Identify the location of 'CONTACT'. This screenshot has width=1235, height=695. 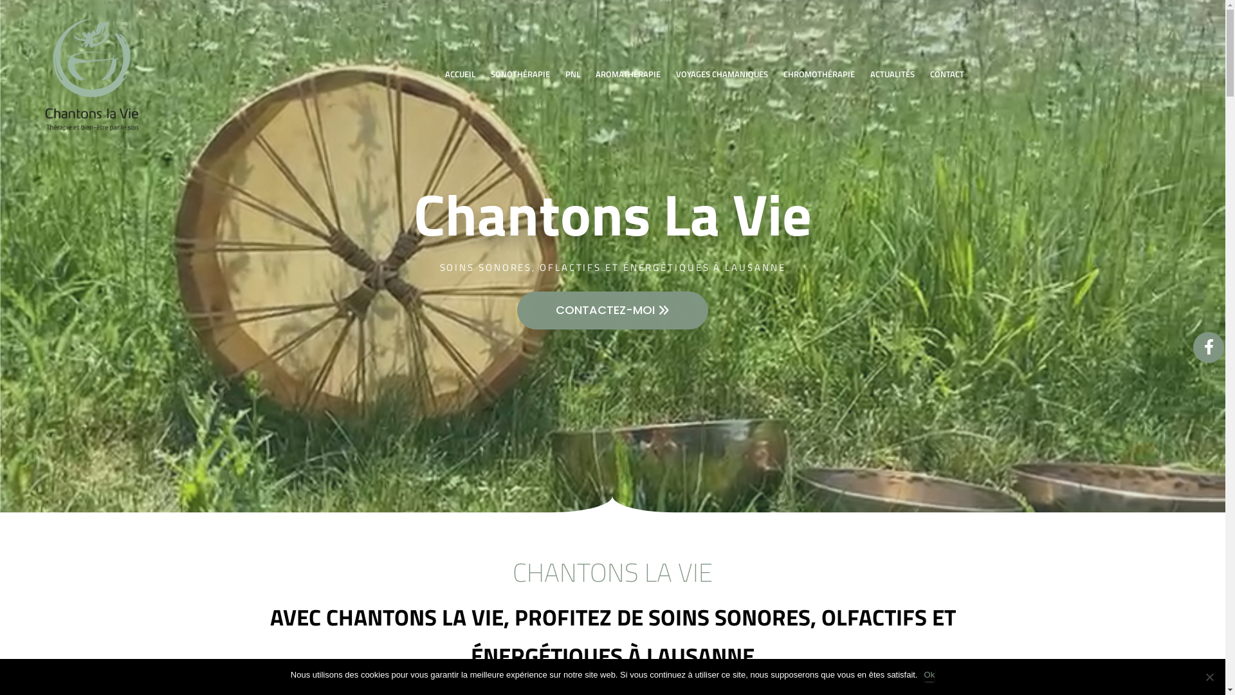
(922, 74).